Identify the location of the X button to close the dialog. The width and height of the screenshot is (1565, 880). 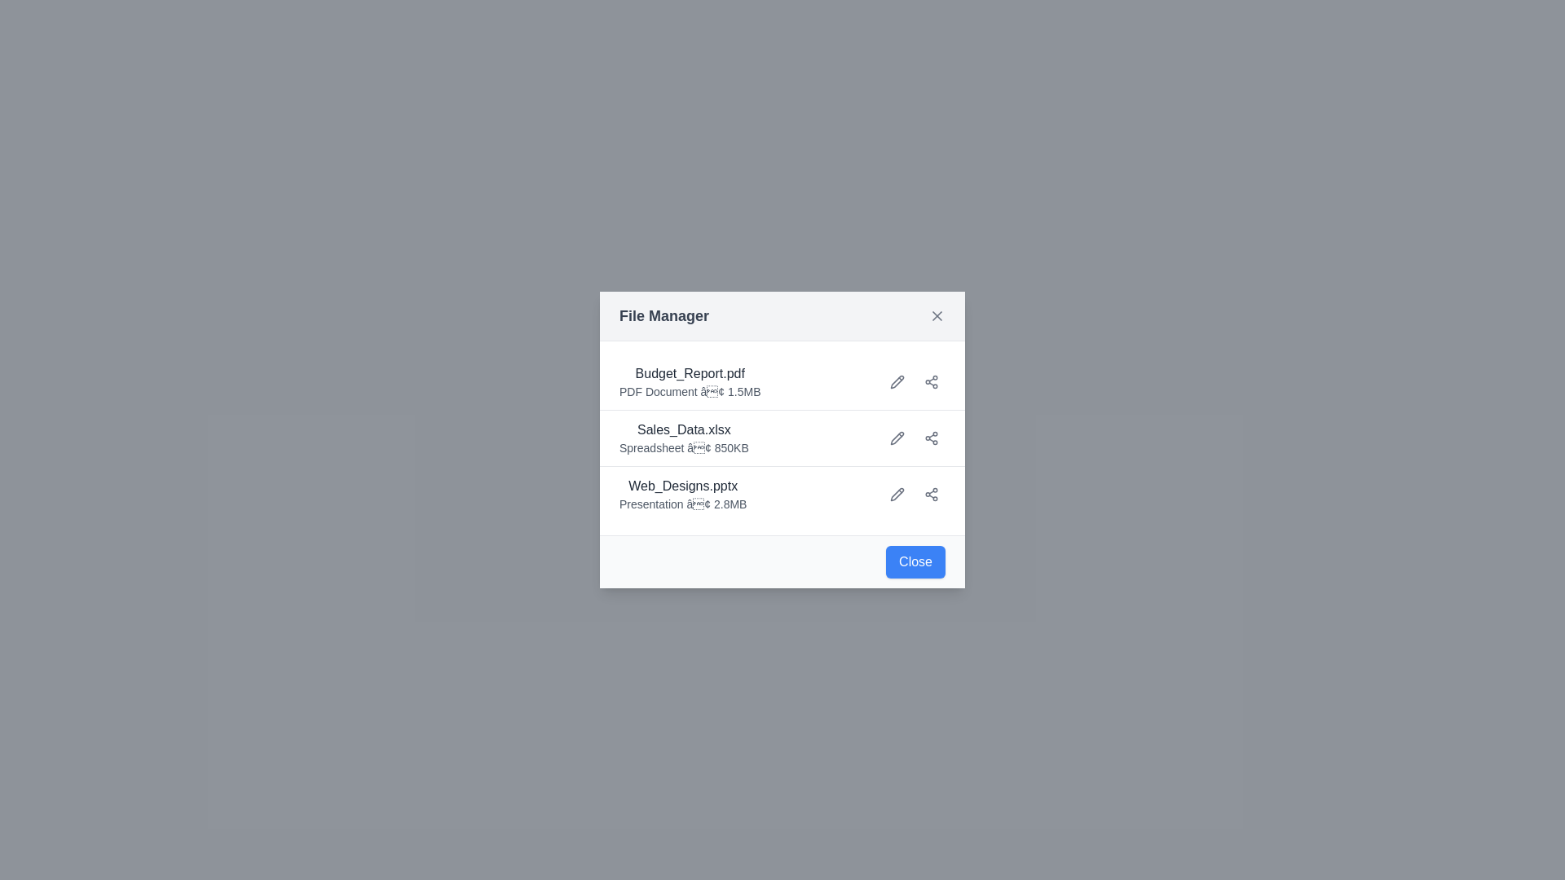
(937, 316).